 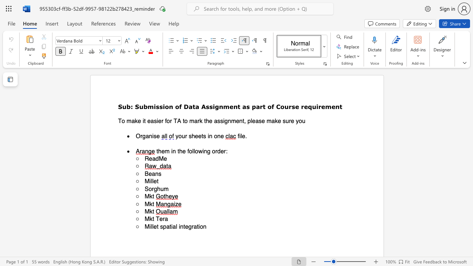 What do you see at coordinates (169, 106) in the screenshot?
I see `the subset text "n of" within the text "Sub: Submission of"` at bounding box center [169, 106].